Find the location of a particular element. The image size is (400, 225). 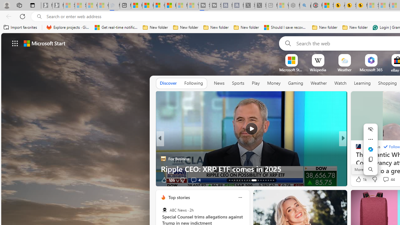

'ABC News' is located at coordinates (164, 210).